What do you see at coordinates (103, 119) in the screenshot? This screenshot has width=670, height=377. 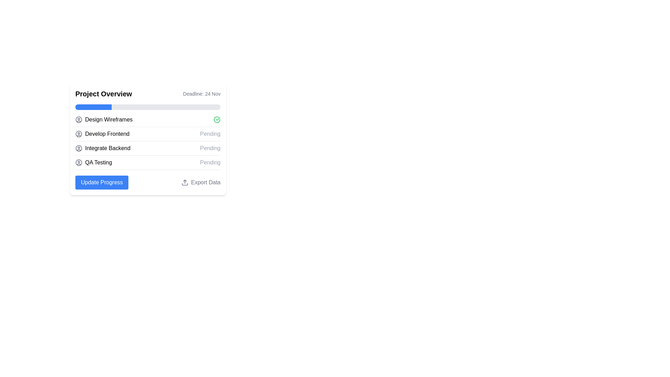 I see `the 'Design Wireframes' text label with a user profile icon` at bounding box center [103, 119].